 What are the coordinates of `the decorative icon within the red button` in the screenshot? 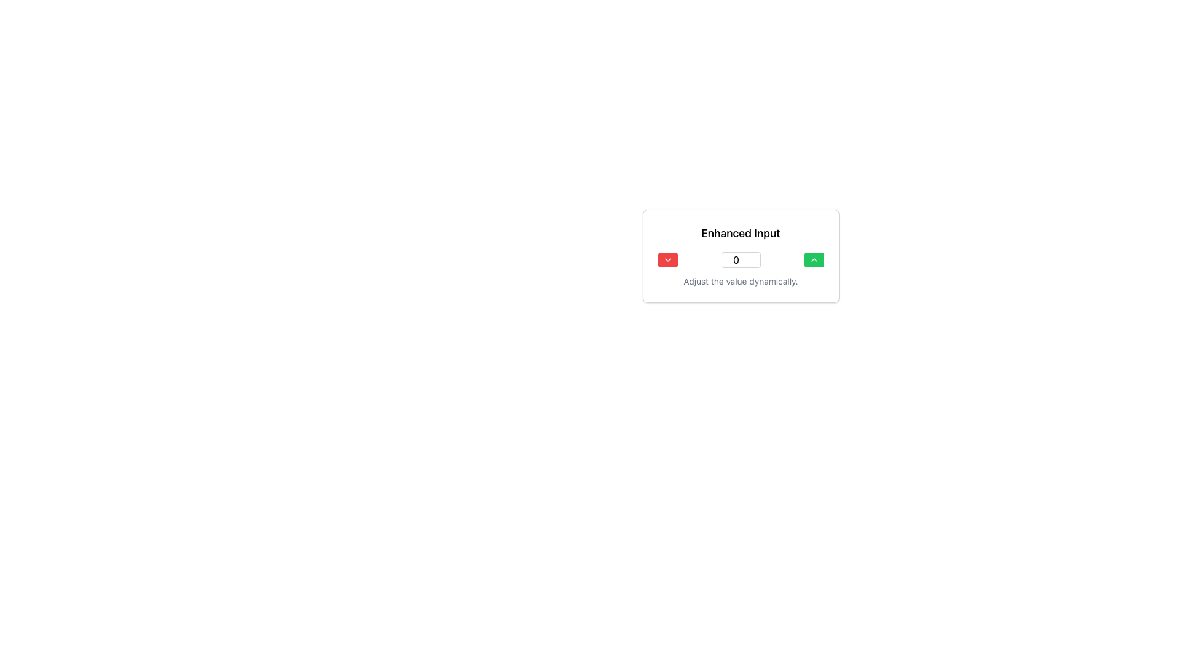 It's located at (667, 259).